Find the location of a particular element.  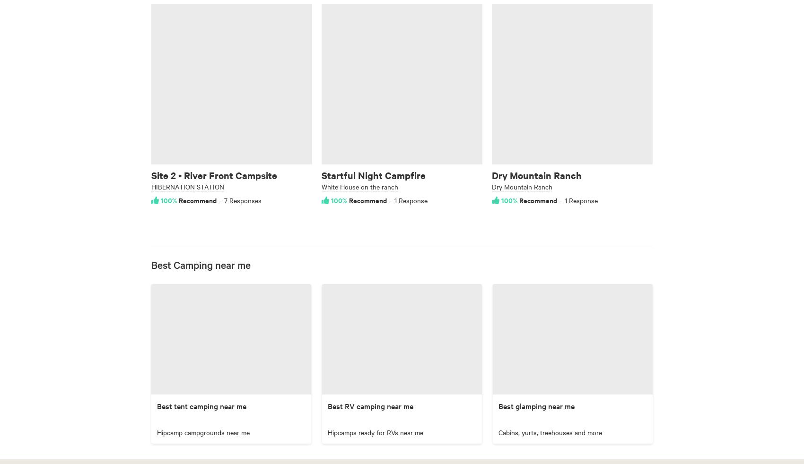

'Cabins, yurts, treehouses and more' is located at coordinates (498, 432).